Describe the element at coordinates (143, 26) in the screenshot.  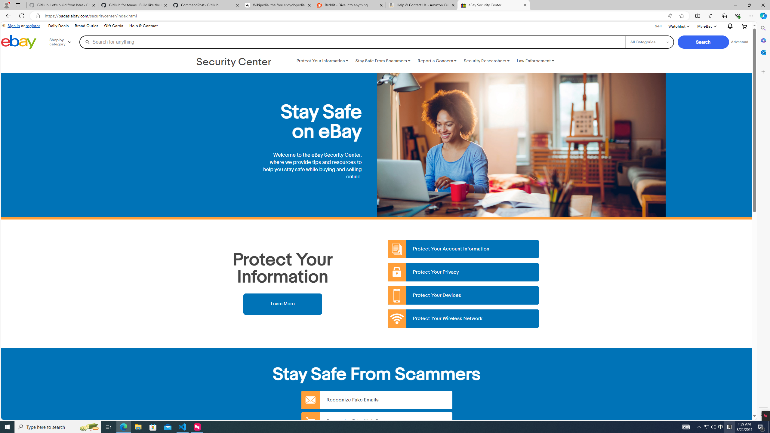
I see `'Help & Contact'` at that location.